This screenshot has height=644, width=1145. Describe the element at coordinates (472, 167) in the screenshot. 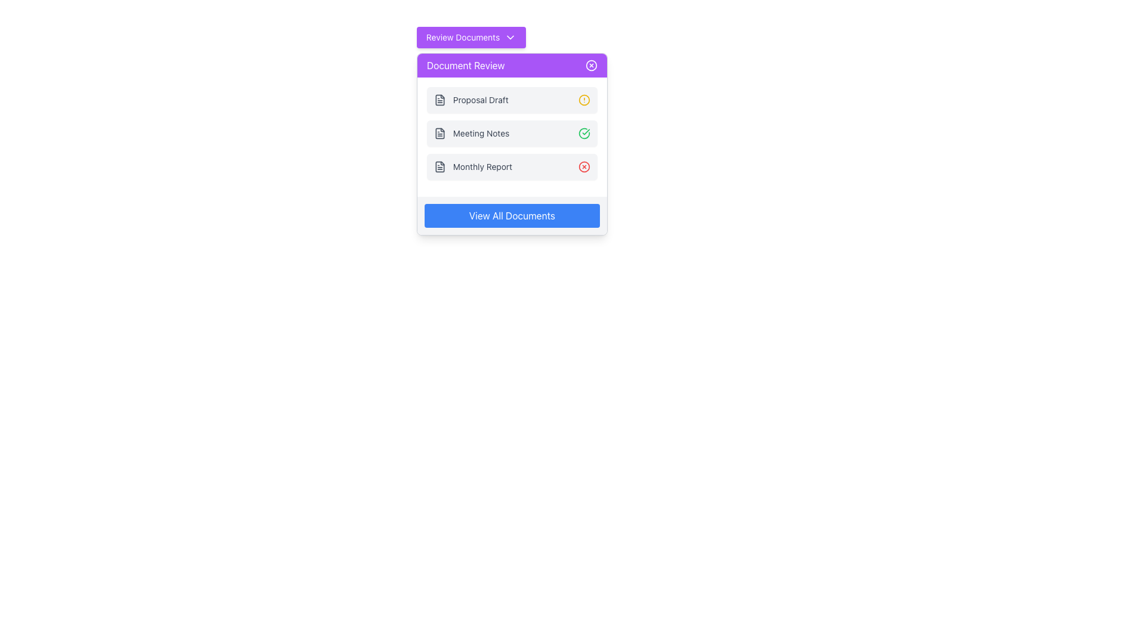

I see `the 'Monthly Report' list item in the 'Document Review' card` at that location.